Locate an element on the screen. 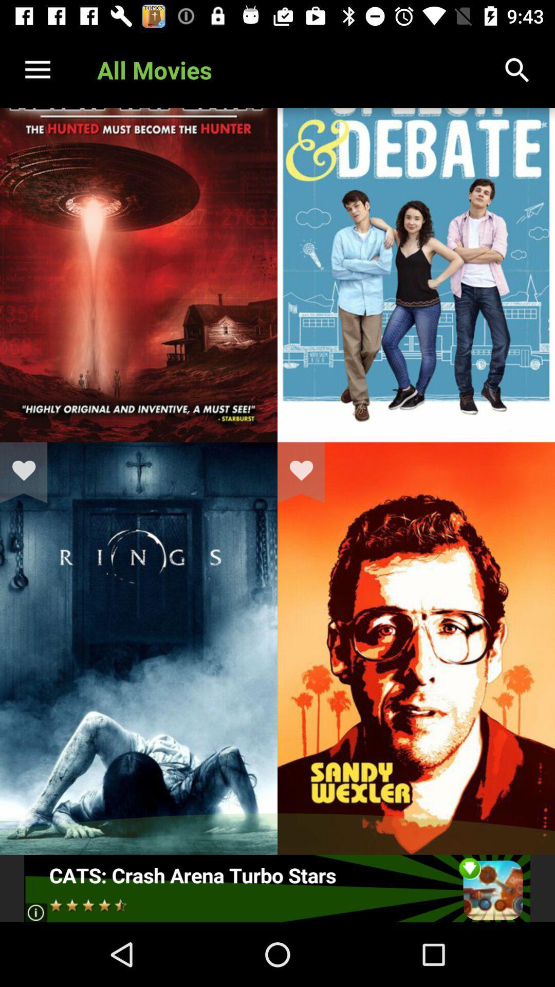 This screenshot has width=555, height=987. love the movie is located at coordinates (30, 472).